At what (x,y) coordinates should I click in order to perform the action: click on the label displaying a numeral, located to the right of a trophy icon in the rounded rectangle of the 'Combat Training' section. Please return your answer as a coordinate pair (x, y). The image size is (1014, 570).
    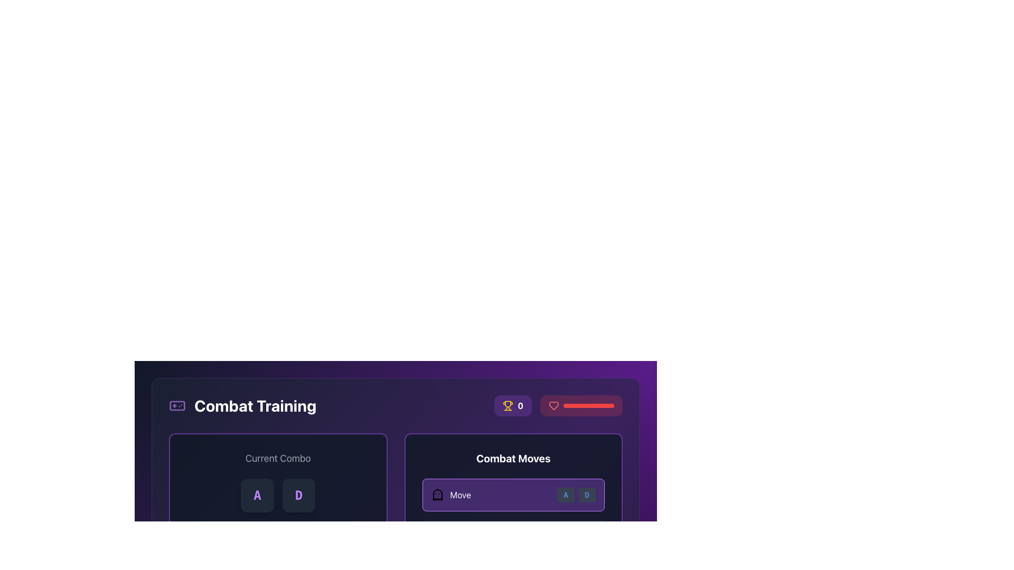
    Looking at the image, I should click on (520, 405).